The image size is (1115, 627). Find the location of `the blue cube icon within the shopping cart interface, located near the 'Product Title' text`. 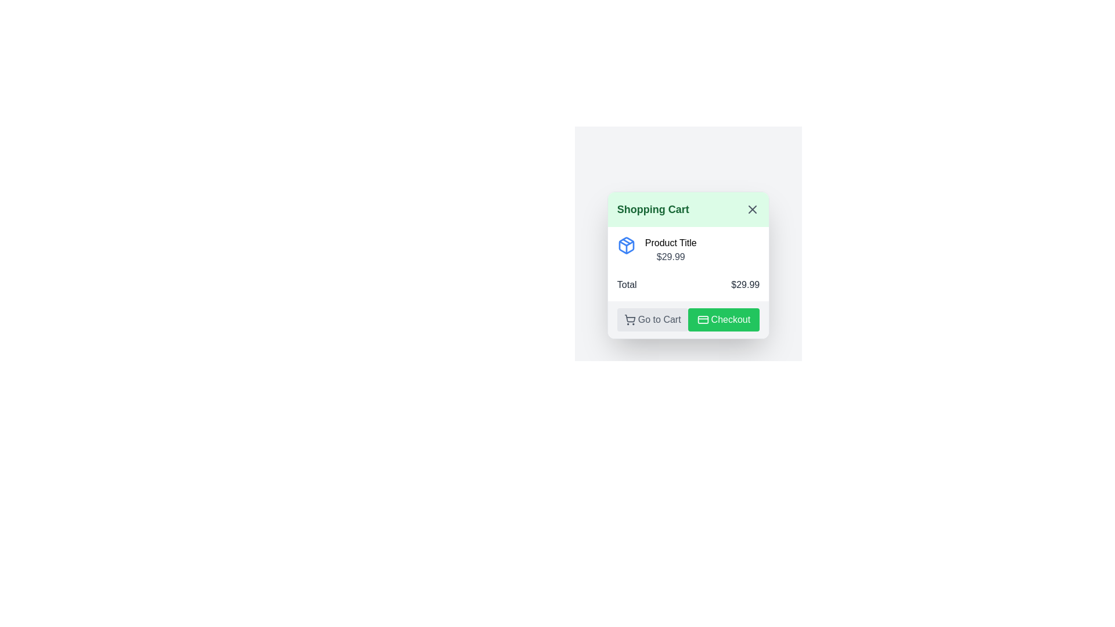

the blue cube icon within the shopping cart interface, located near the 'Product Title' text is located at coordinates (625, 245).